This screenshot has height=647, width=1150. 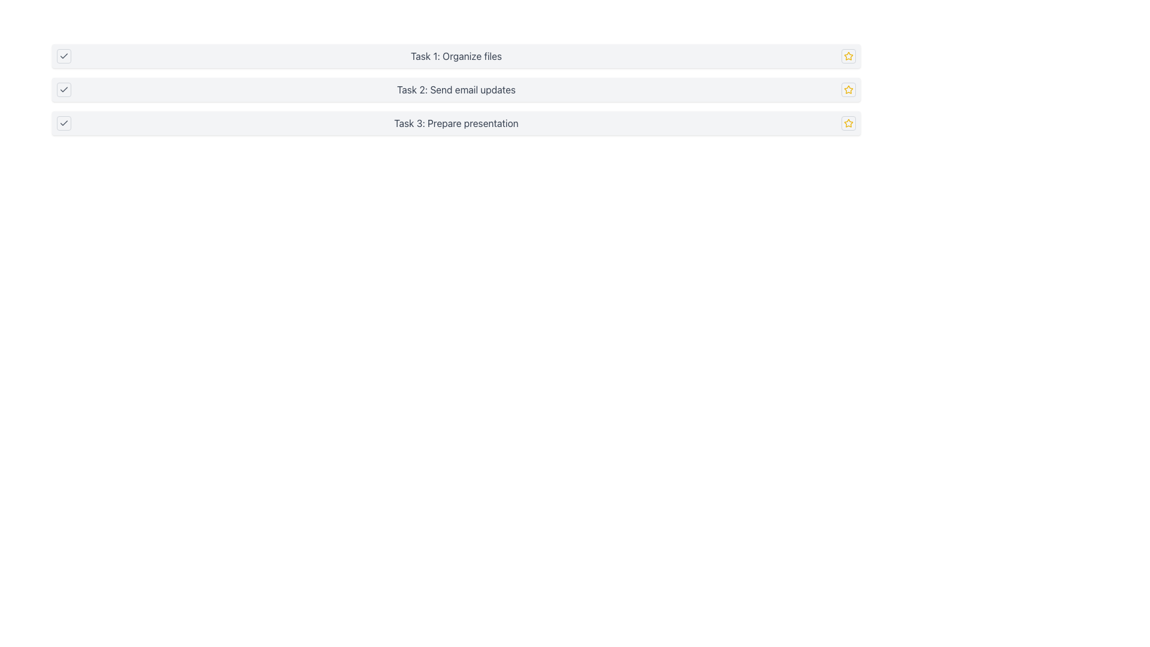 What do you see at coordinates (456, 89) in the screenshot?
I see `the text element displaying 'Task 2: Send email updates', which is styled in gray and positioned between a checkbox and a star icon in a light gray background layout` at bounding box center [456, 89].